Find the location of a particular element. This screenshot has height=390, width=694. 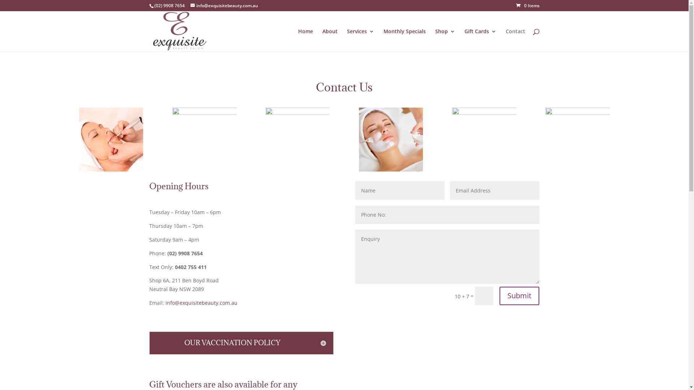

'Monthly Specials' is located at coordinates (404, 40).